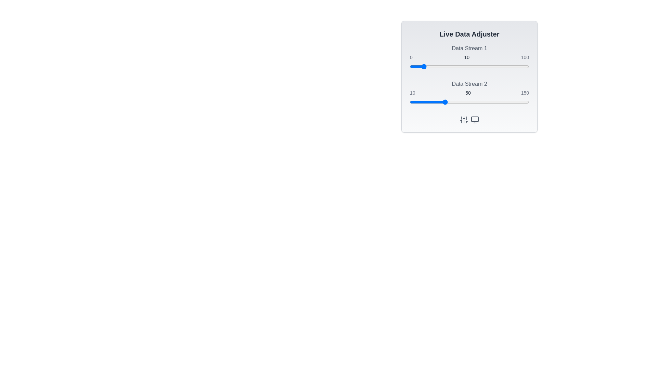 This screenshot has height=369, width=657. Describe the element at coordinates (464, 119) in the screenshot. I see `the vertical sliders icon button located at the bottom-right of the panel` at that location.